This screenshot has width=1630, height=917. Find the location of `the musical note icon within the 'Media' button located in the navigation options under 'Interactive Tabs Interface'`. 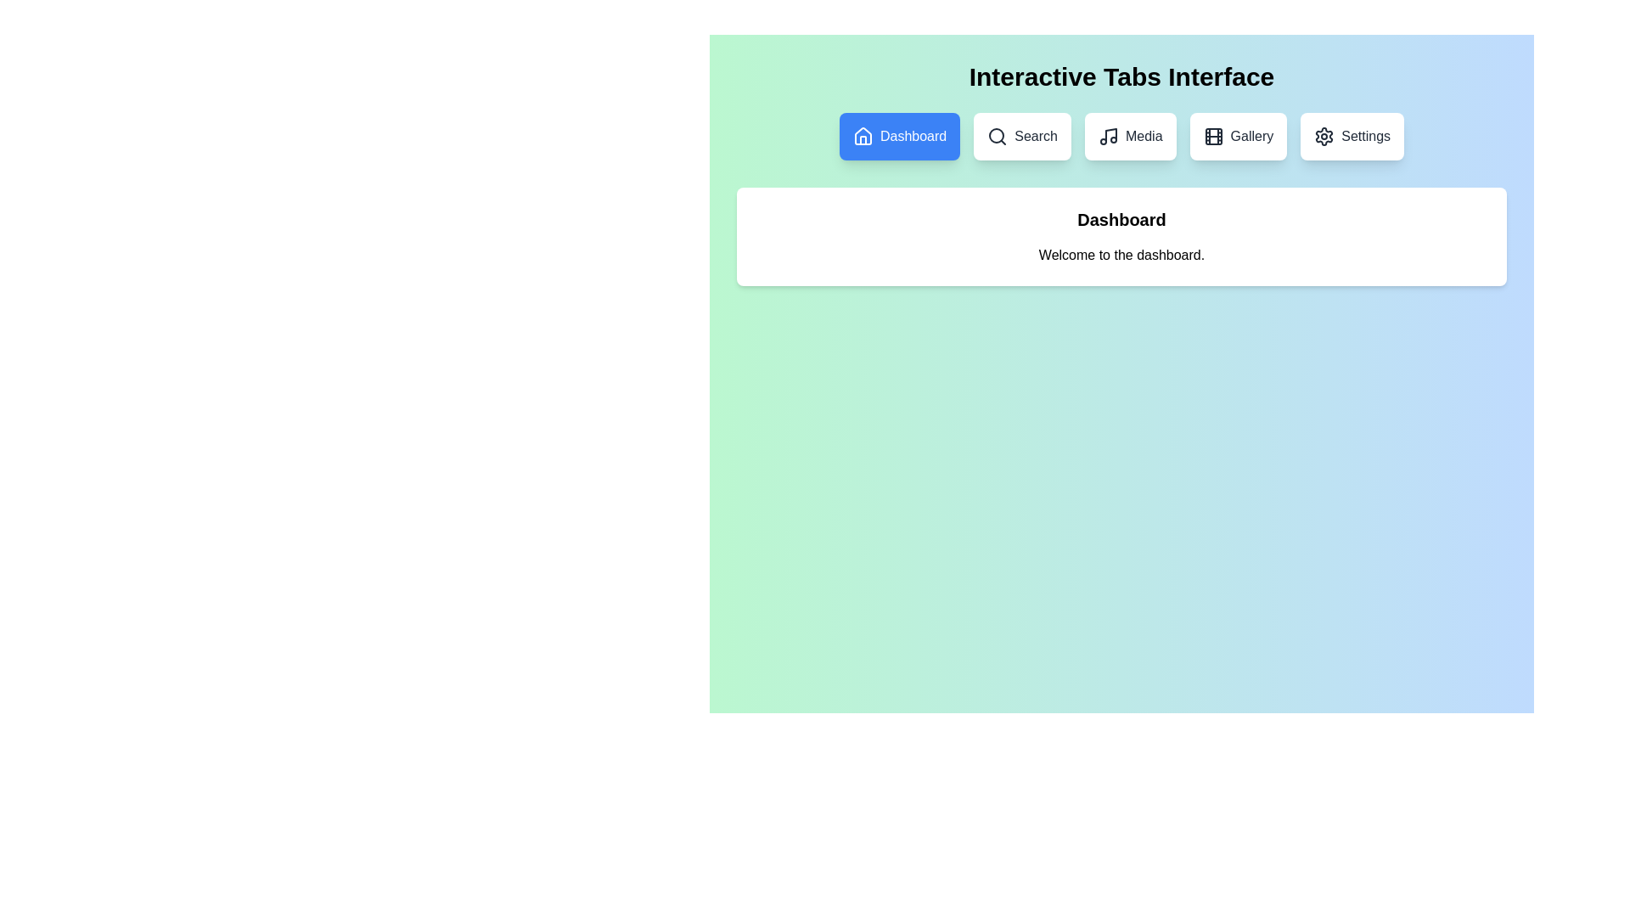

the musical note icon within the 'Media' button located in the navigation options under 'Interactive Tabs Interface' is located at coordinates (1108, 136).